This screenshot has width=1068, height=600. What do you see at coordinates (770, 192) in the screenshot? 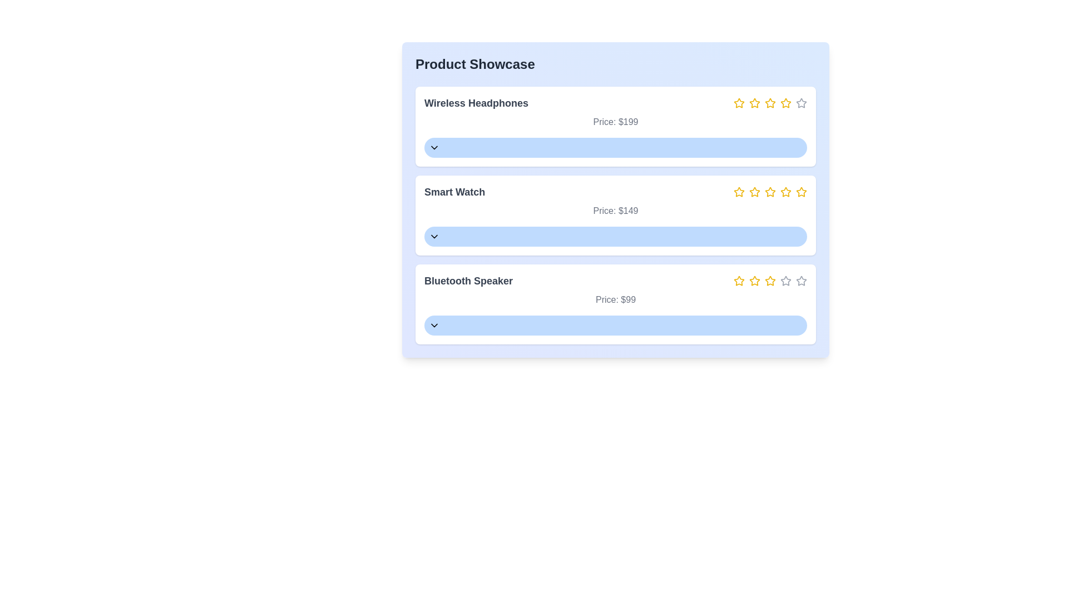
I see `the third yellow Rating Star Icon in the horizontal group of five stars located to the right of the 'Smart Watch' text and price information` at bounding box center [770, 192].